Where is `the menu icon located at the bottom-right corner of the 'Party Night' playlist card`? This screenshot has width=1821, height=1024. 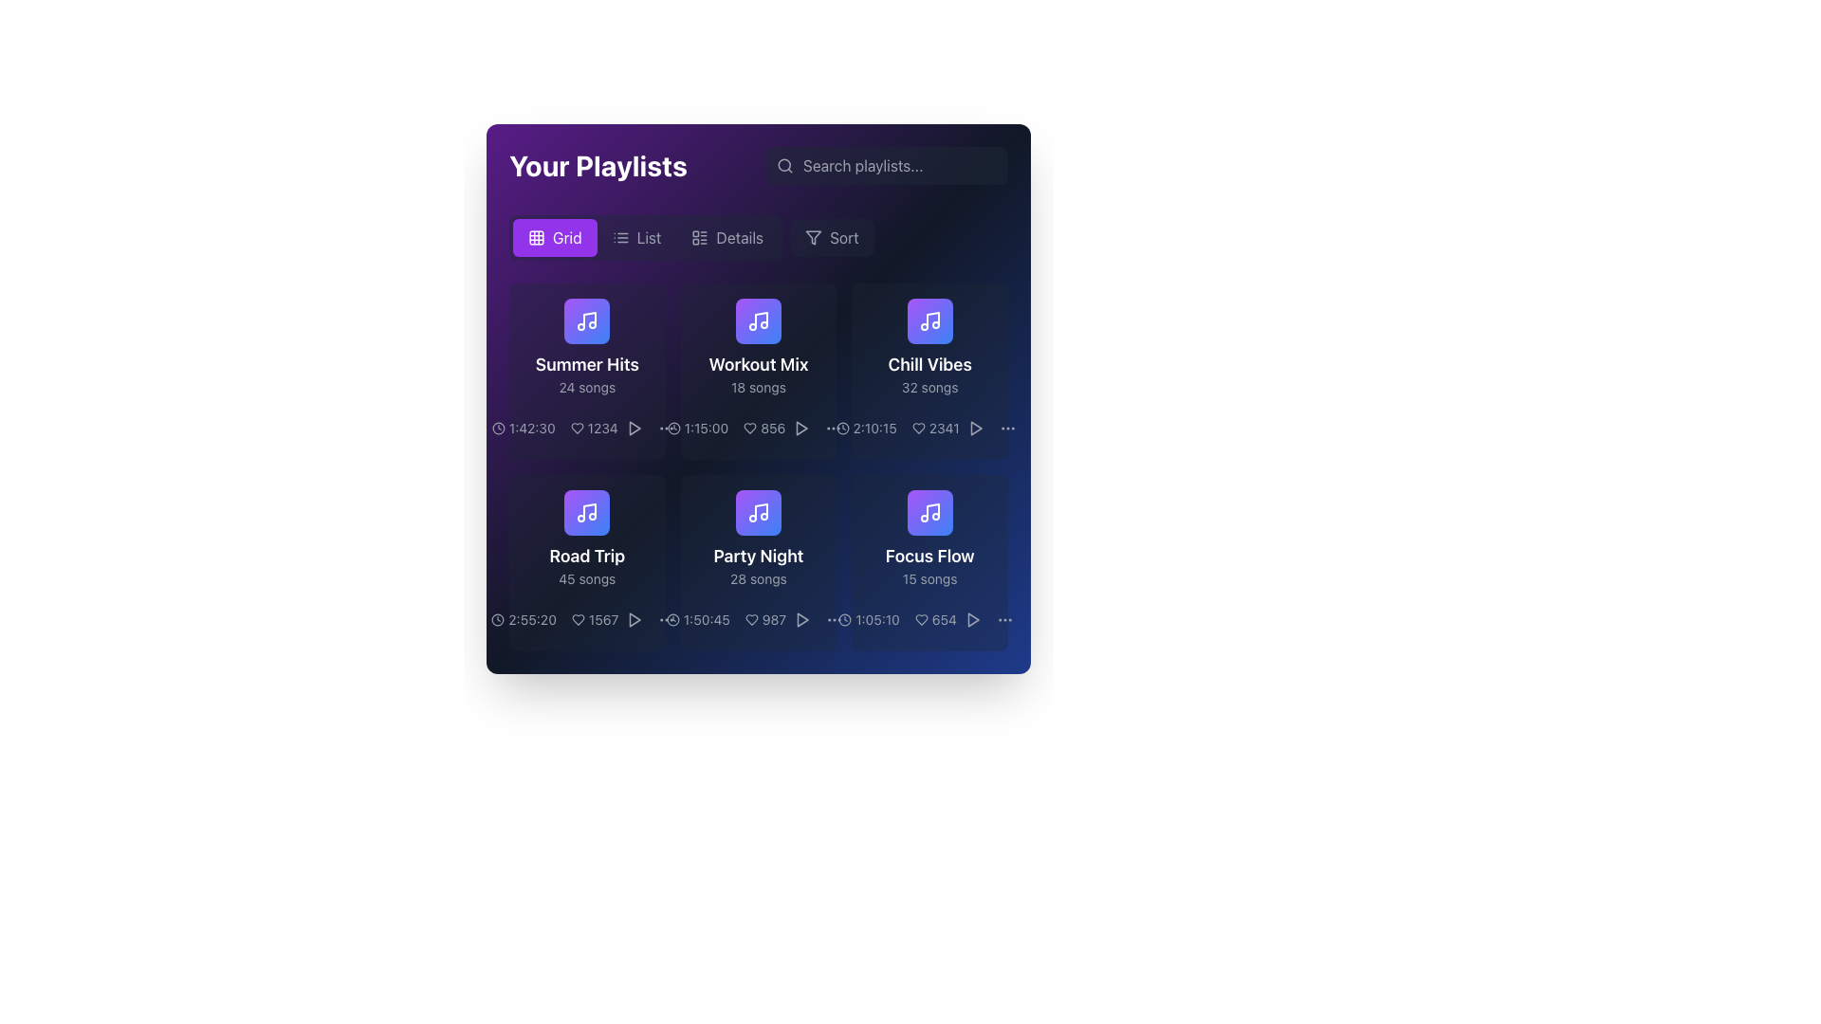
the menu icon located at the bottom-right corner of the 'Party Night' playlist card is located at coordinates (666, 620).